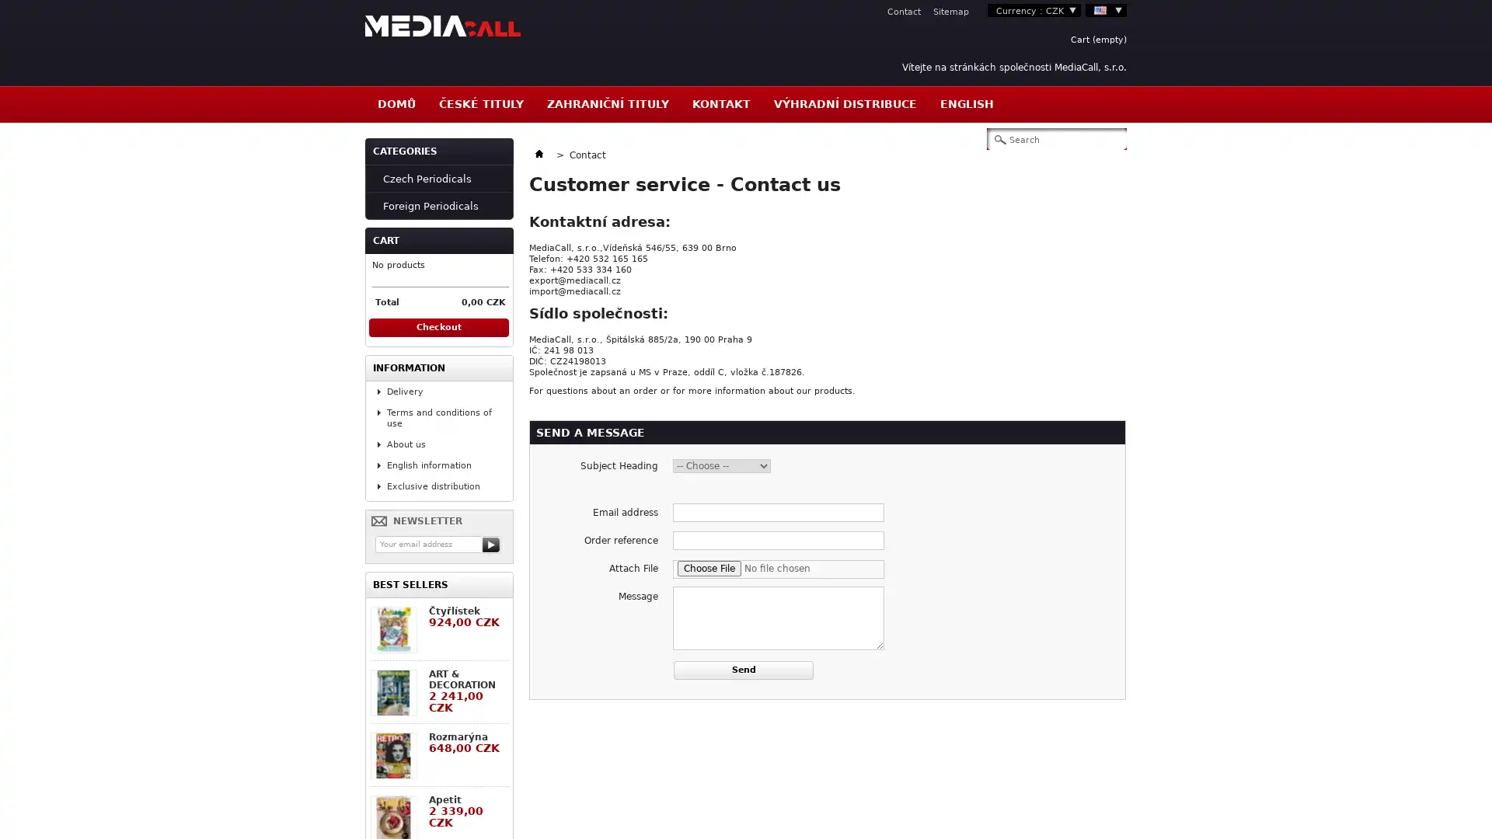 The height and width of the screenshot is (839, 1492). What do you see at coordinates (491, 544) in the screenshot?
I see `ok` at bounding box center [491, 544].